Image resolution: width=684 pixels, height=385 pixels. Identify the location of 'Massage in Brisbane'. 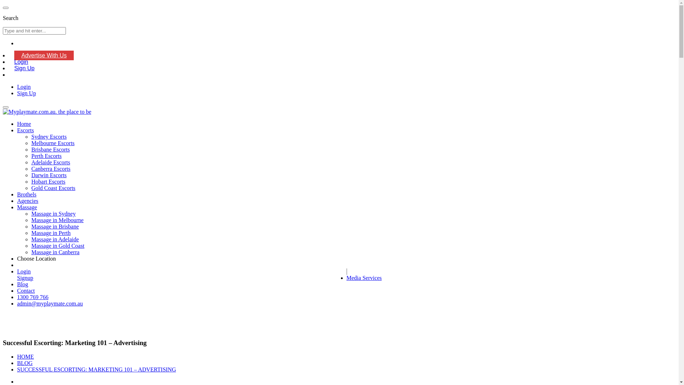
(55, 226).